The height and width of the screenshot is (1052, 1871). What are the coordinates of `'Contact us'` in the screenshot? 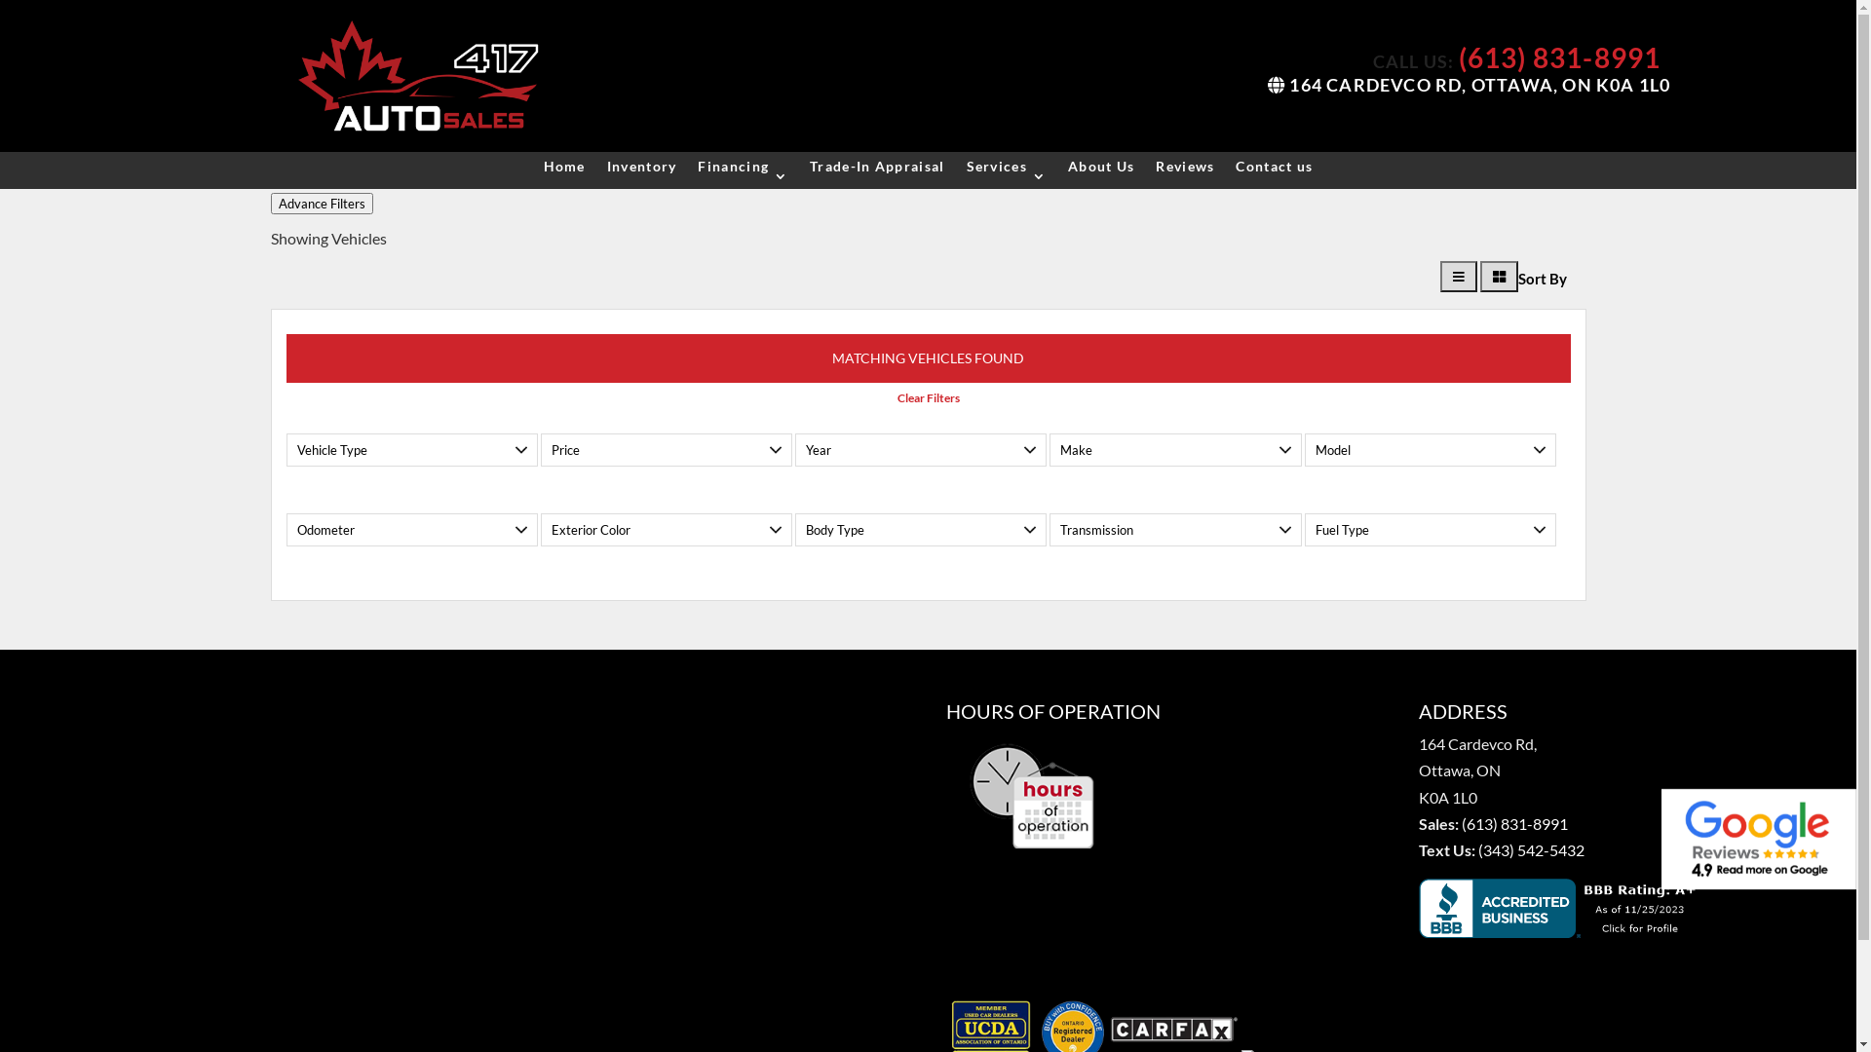 It's located at (1274, 169).